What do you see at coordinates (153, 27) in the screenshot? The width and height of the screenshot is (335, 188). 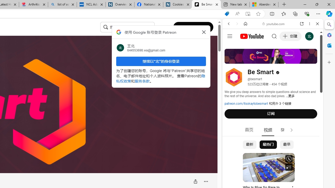 I see `'Class: sc-gUQvok bqiJlM'` at bounding box center [153, 27].